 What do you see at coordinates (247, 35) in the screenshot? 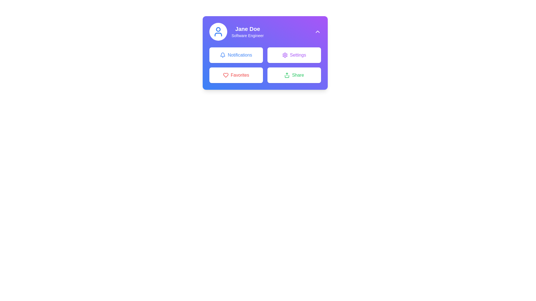
I see `the text element that serves as a descriptor or title located directly underneath the 'Jane Doe' title text in the upper-left portion of the card interface` at bounding box center [247, 35].